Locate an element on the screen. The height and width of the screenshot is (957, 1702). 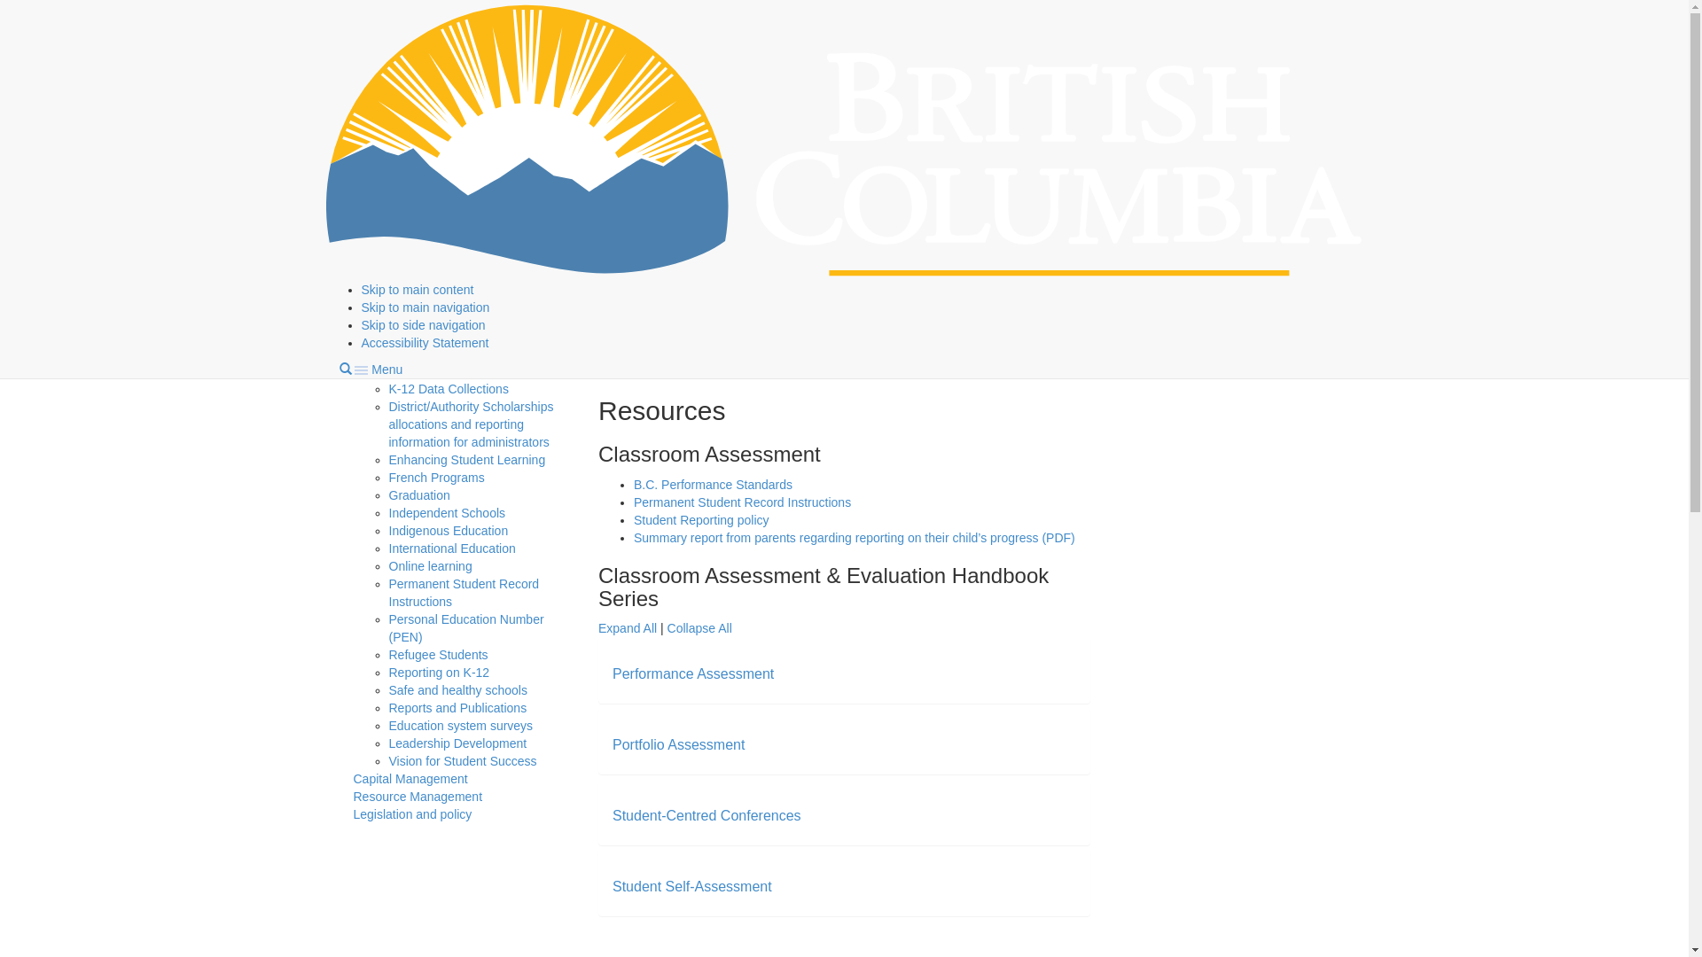
'Student-Centred Conferences' is located at coordinates (706, 815).